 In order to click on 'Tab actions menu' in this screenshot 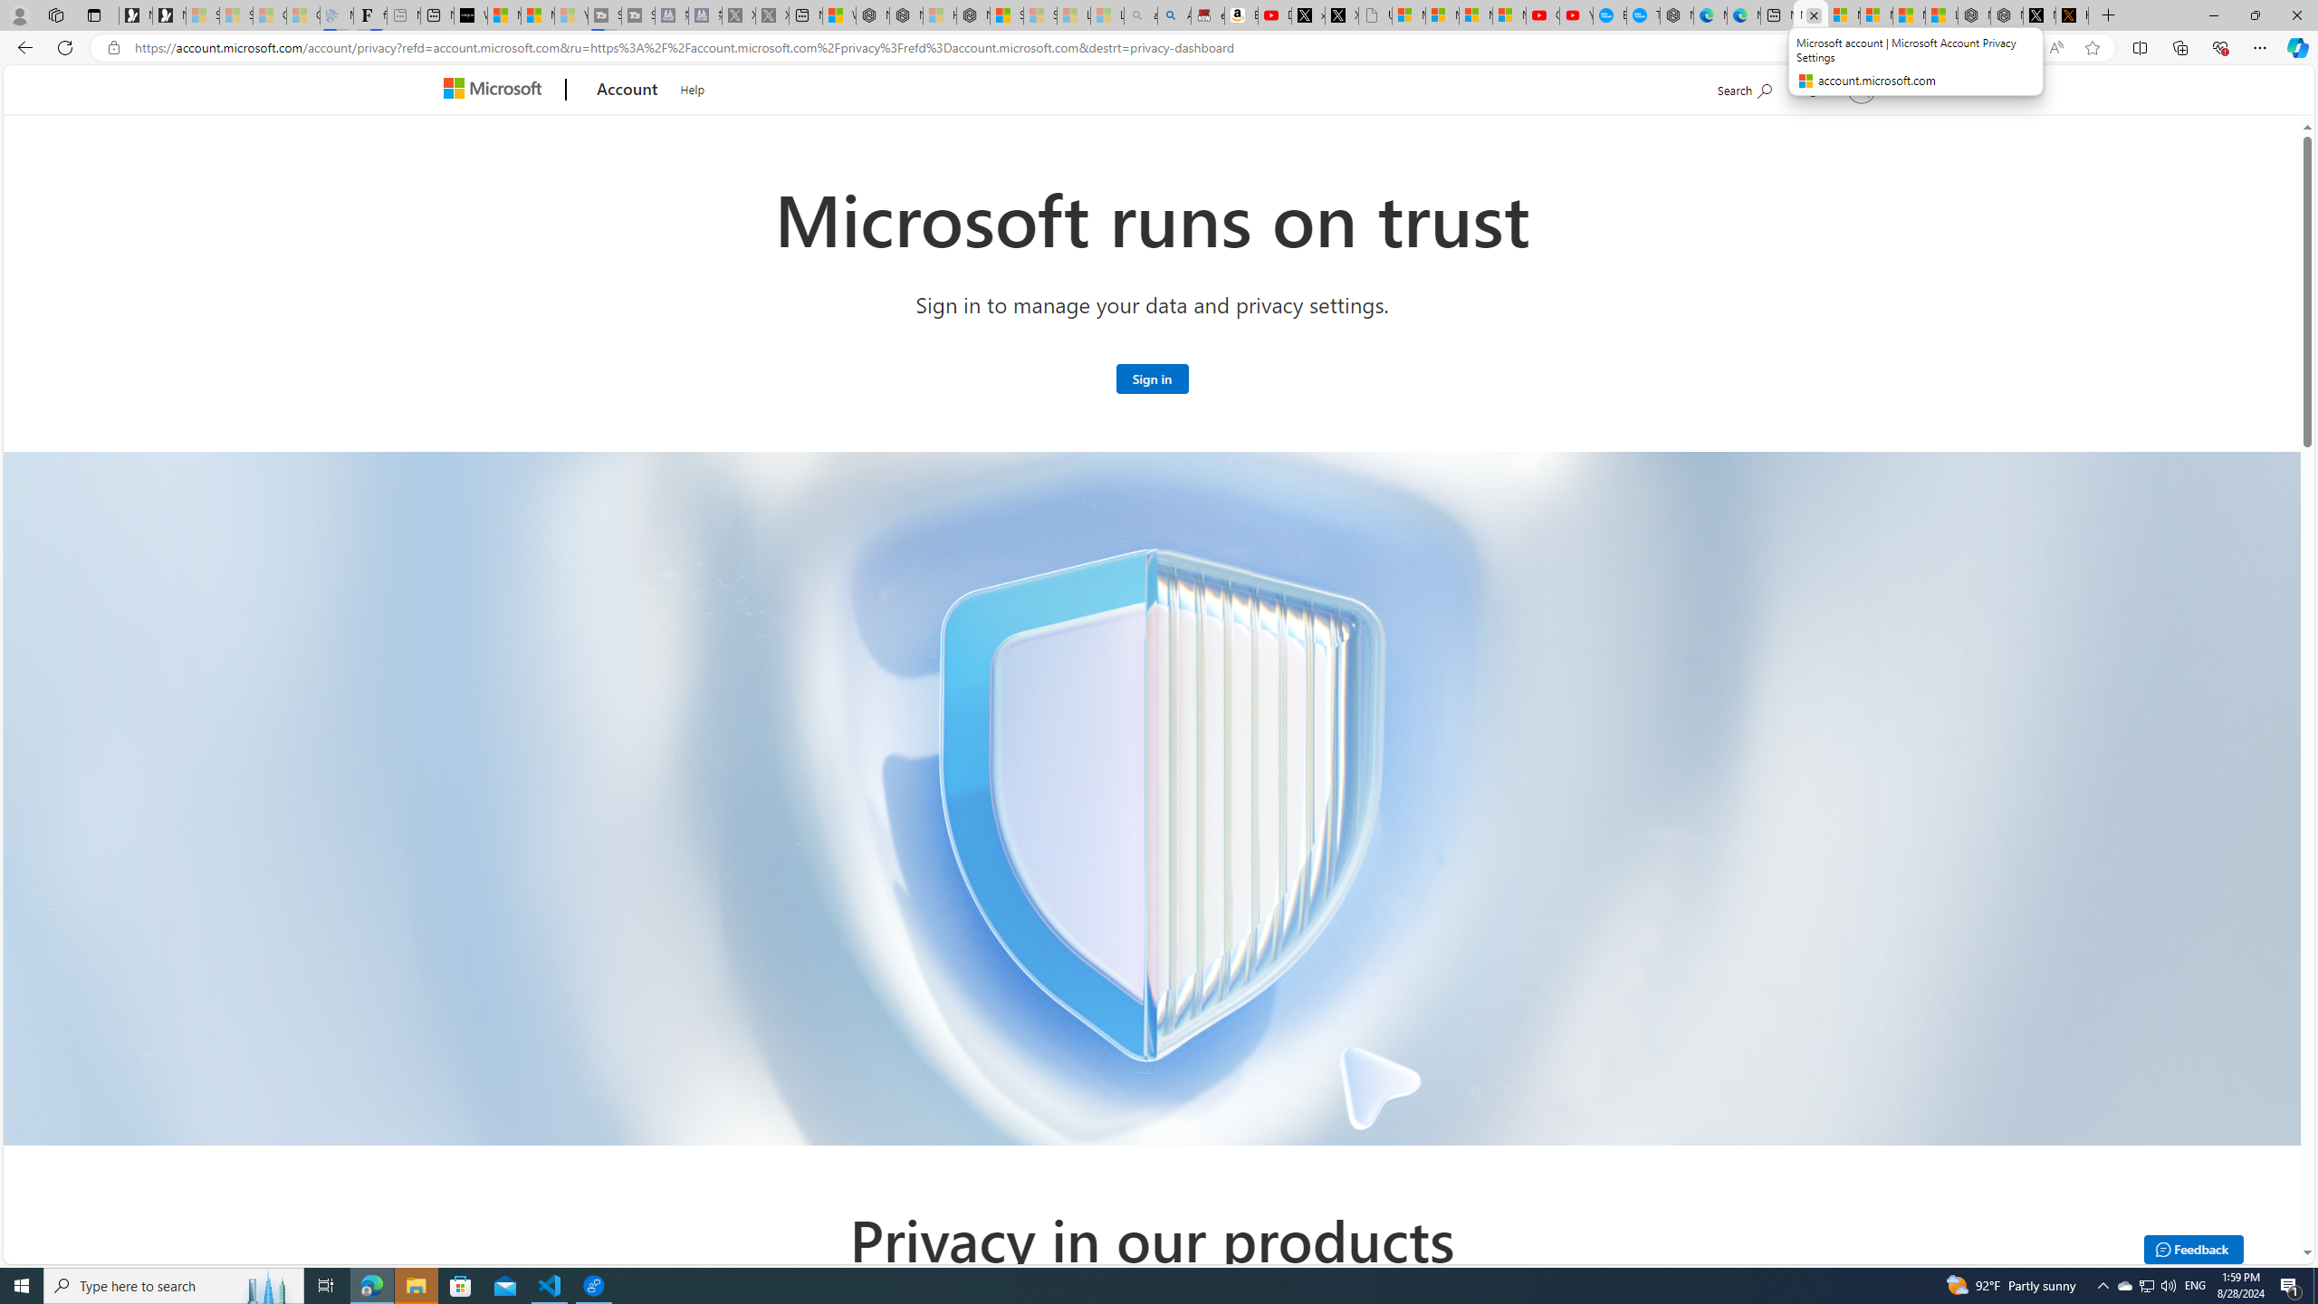, I will do `click(92, 14)`.